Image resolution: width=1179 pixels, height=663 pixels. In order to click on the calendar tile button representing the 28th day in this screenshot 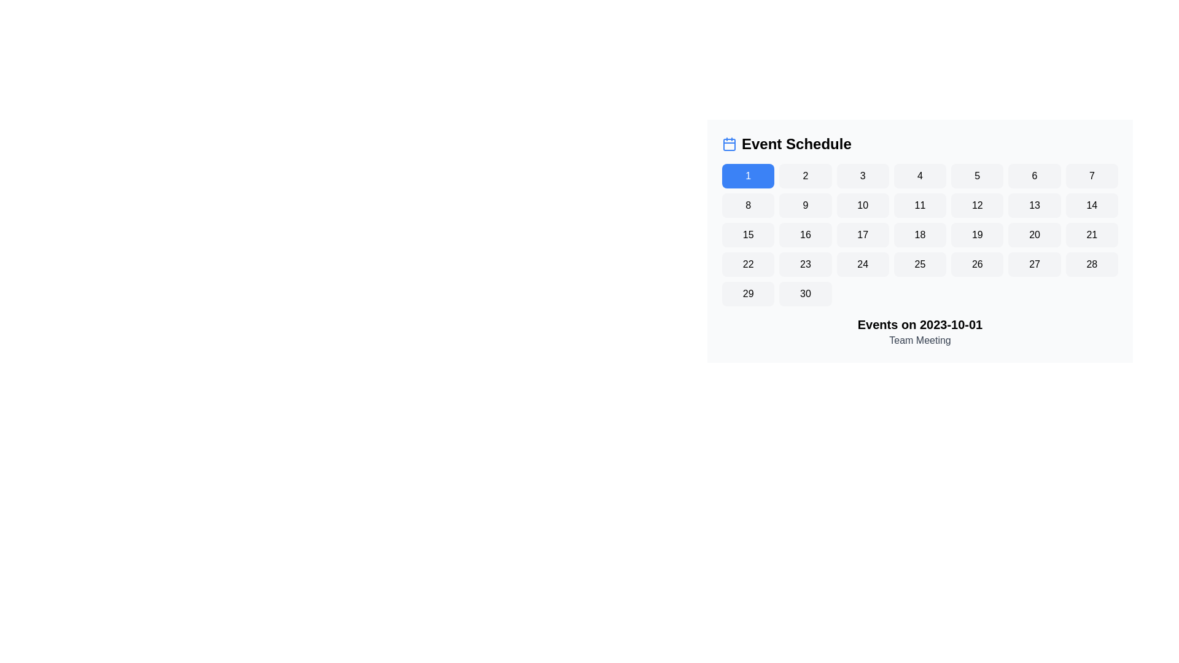, I will do `click(1092, 264)`.